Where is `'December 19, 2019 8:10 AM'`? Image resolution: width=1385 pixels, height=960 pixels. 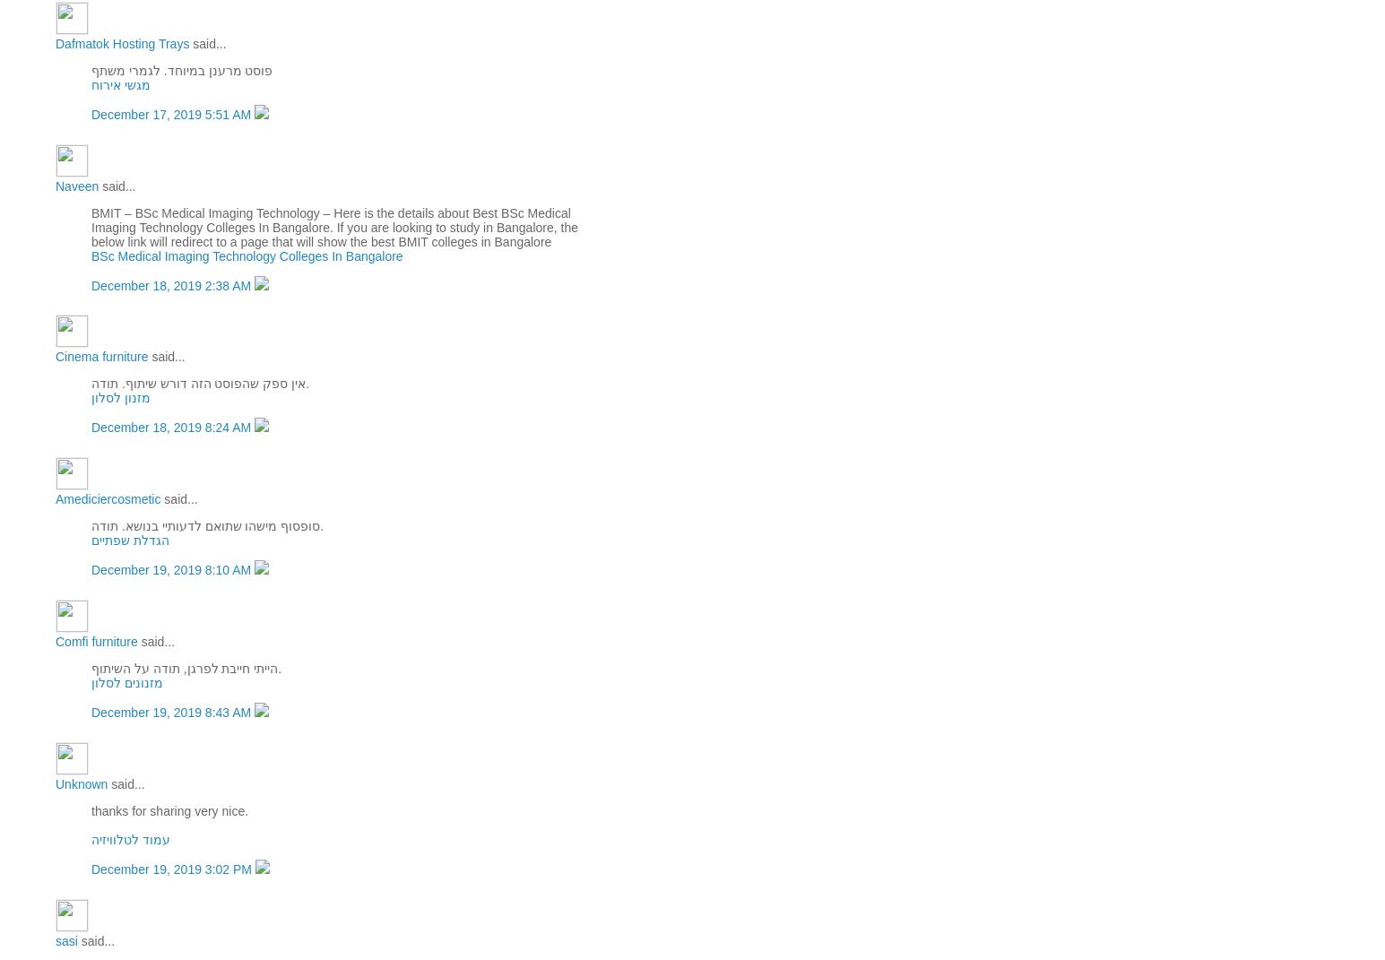 'December 19, 2019 8:10 AM' is located at coordinates (90, 568).